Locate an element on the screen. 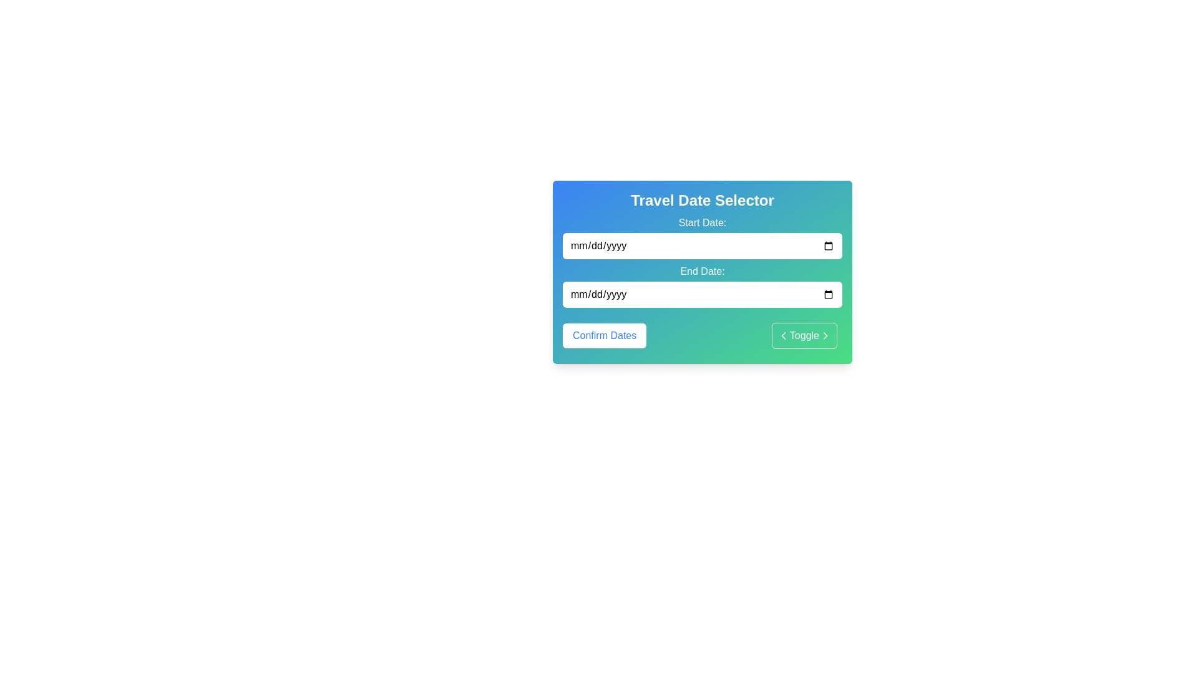 The image size is (1198, 673). the right-pointing chevron-shaped icon adjacent to the 'Toggle' label within the green button at the bottom-right corner of the travel date selector form card is located at coordinates (825, 335).